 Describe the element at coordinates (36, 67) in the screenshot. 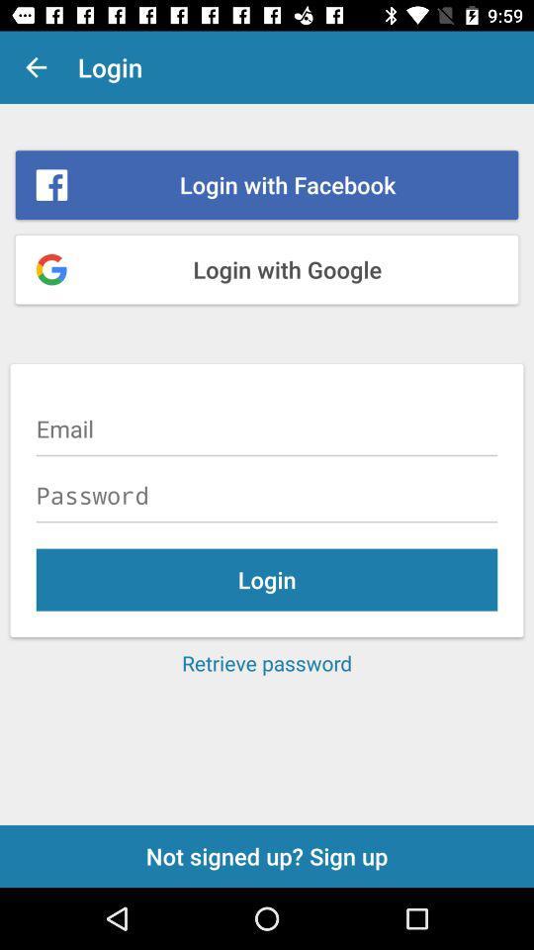

I see `item to the left of login item` at that location.